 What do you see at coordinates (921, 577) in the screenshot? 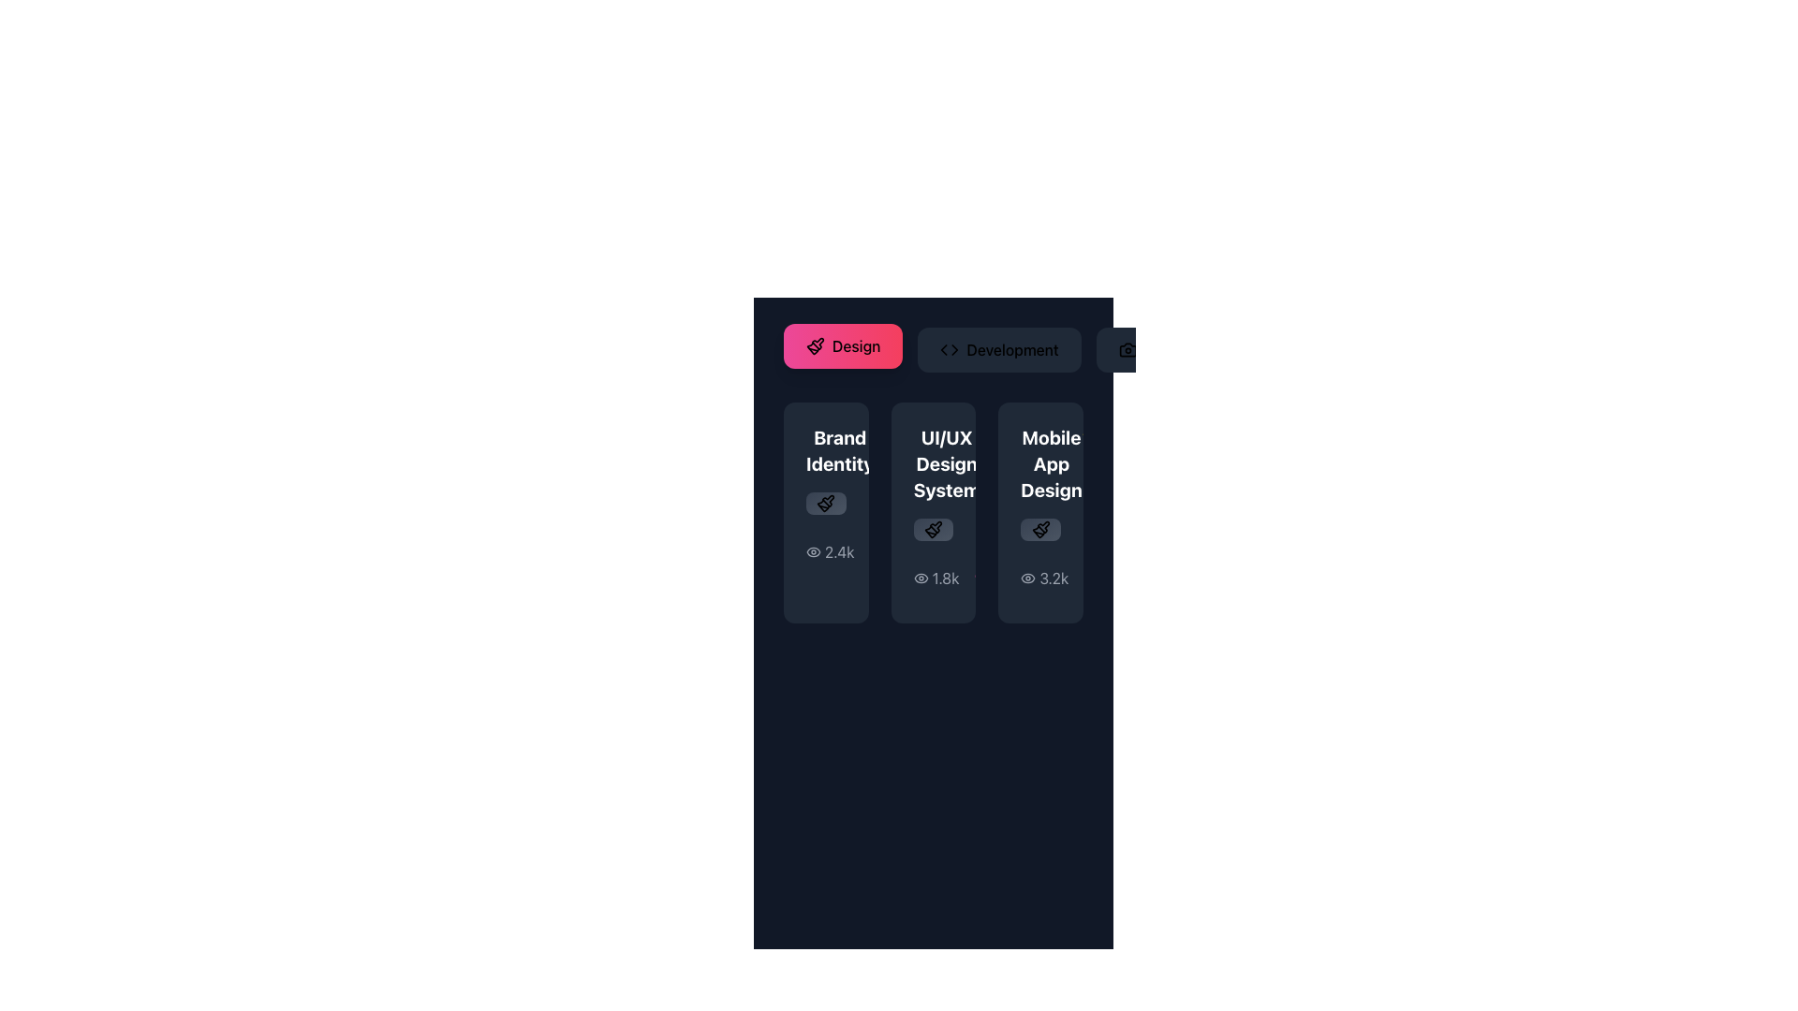
I see `the visibility icon located to the left of the text '1.8k' in the middle panel labeled 'UI/UX Design System'` at bounding box center [921, 577].